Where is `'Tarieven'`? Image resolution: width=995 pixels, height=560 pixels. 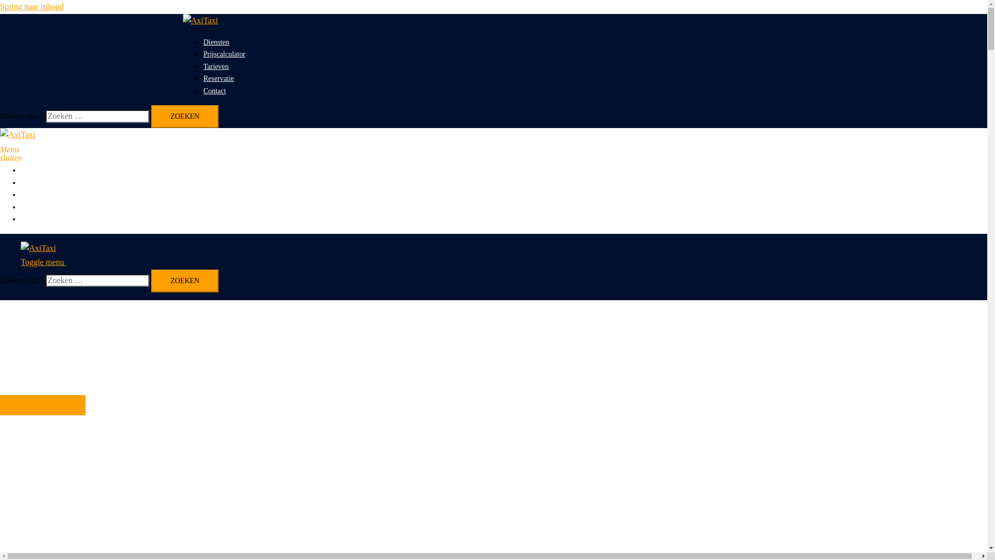 'Tarieven' is located at coordinates (215, 66).